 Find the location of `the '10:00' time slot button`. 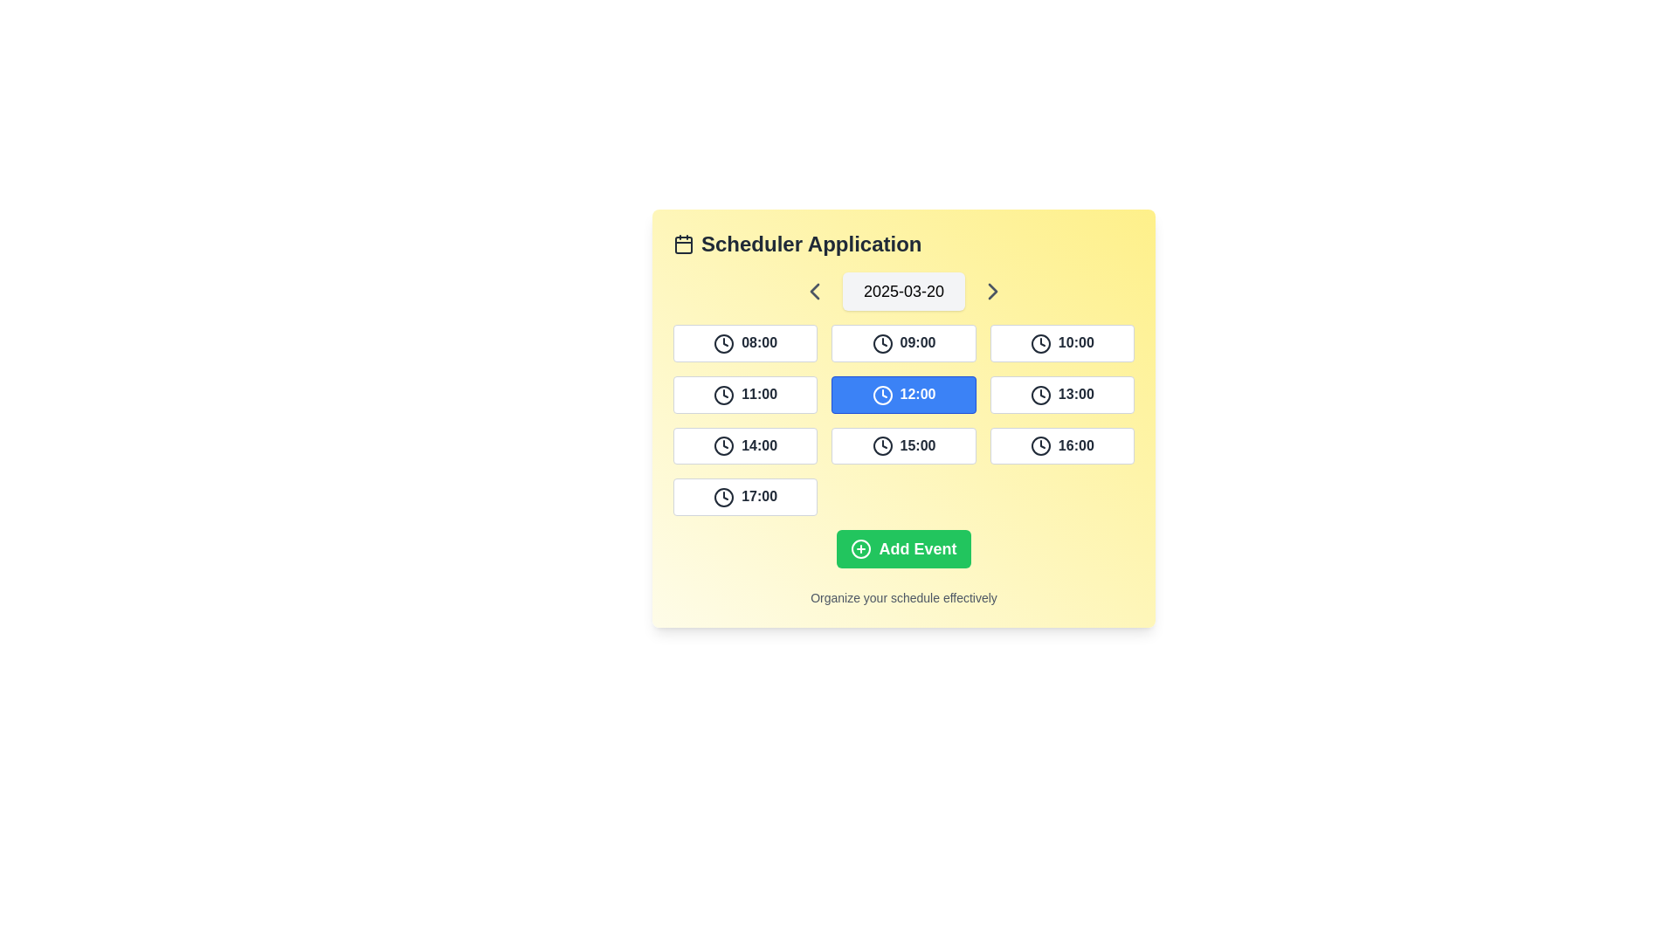

the '10:00' time slot button is located at coordinates (1061, 343).